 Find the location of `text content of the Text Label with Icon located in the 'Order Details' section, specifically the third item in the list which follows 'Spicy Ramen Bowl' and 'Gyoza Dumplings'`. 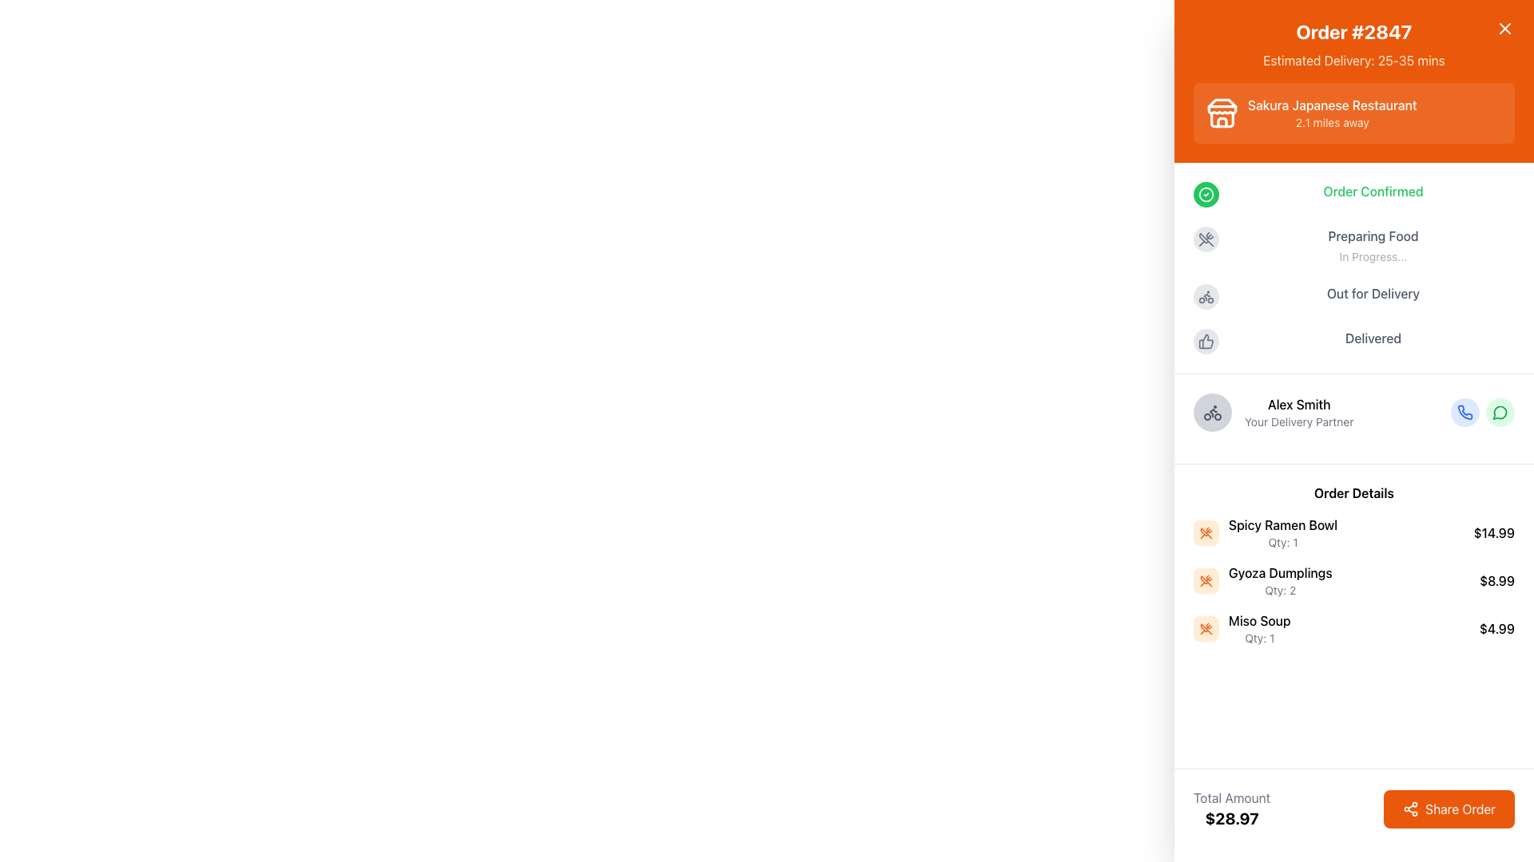

text content of the Text Label with Icon located in the 'Order Details' section, specifically the third item in the list which follows 'Spicy Ramen Bowl' and 'Gyoza Dumplings' is located at coordinates (1241, 627).